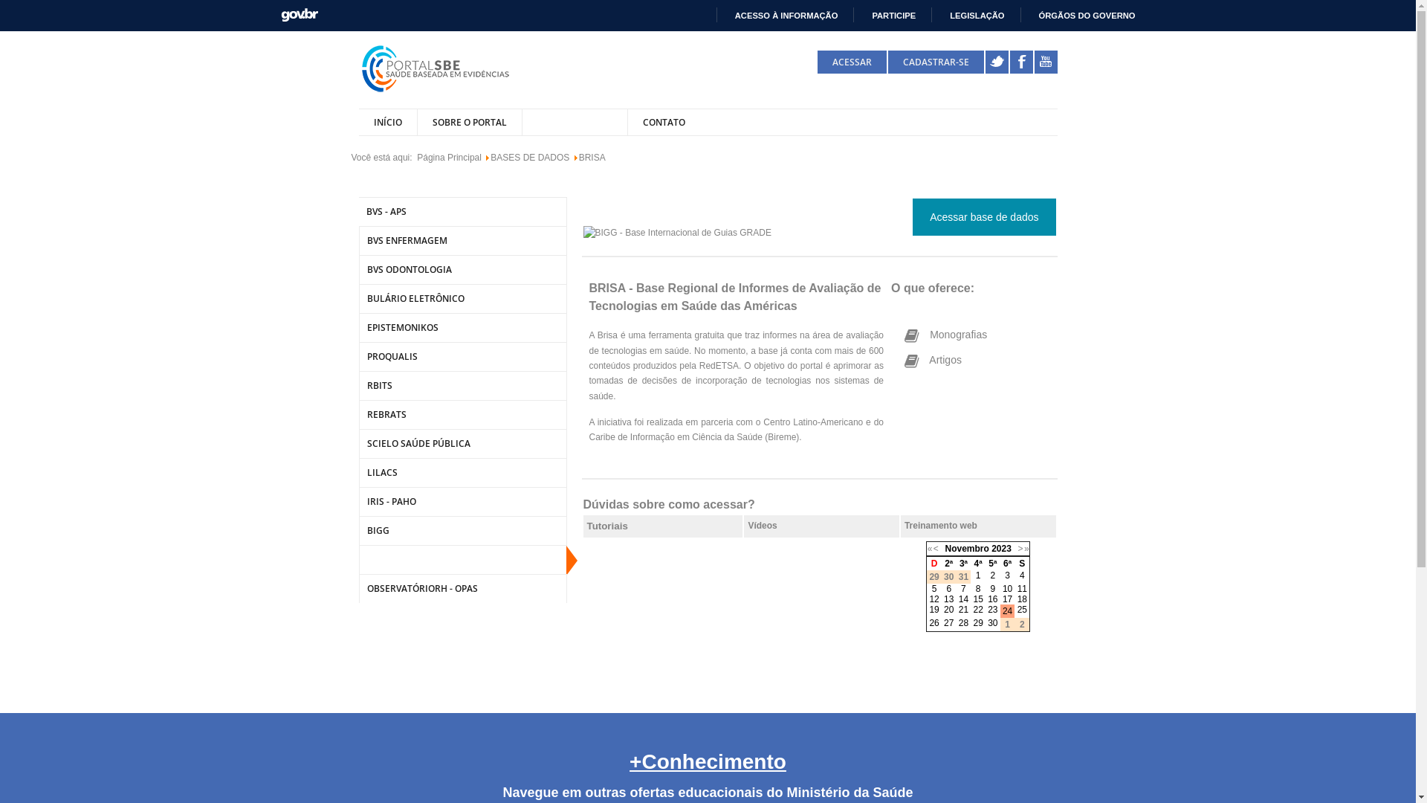 This screenshot has width=1427, height=803. Describe the element at coordinates (1034, 61) in the screenshot. I see `'Youtube'` at that location.